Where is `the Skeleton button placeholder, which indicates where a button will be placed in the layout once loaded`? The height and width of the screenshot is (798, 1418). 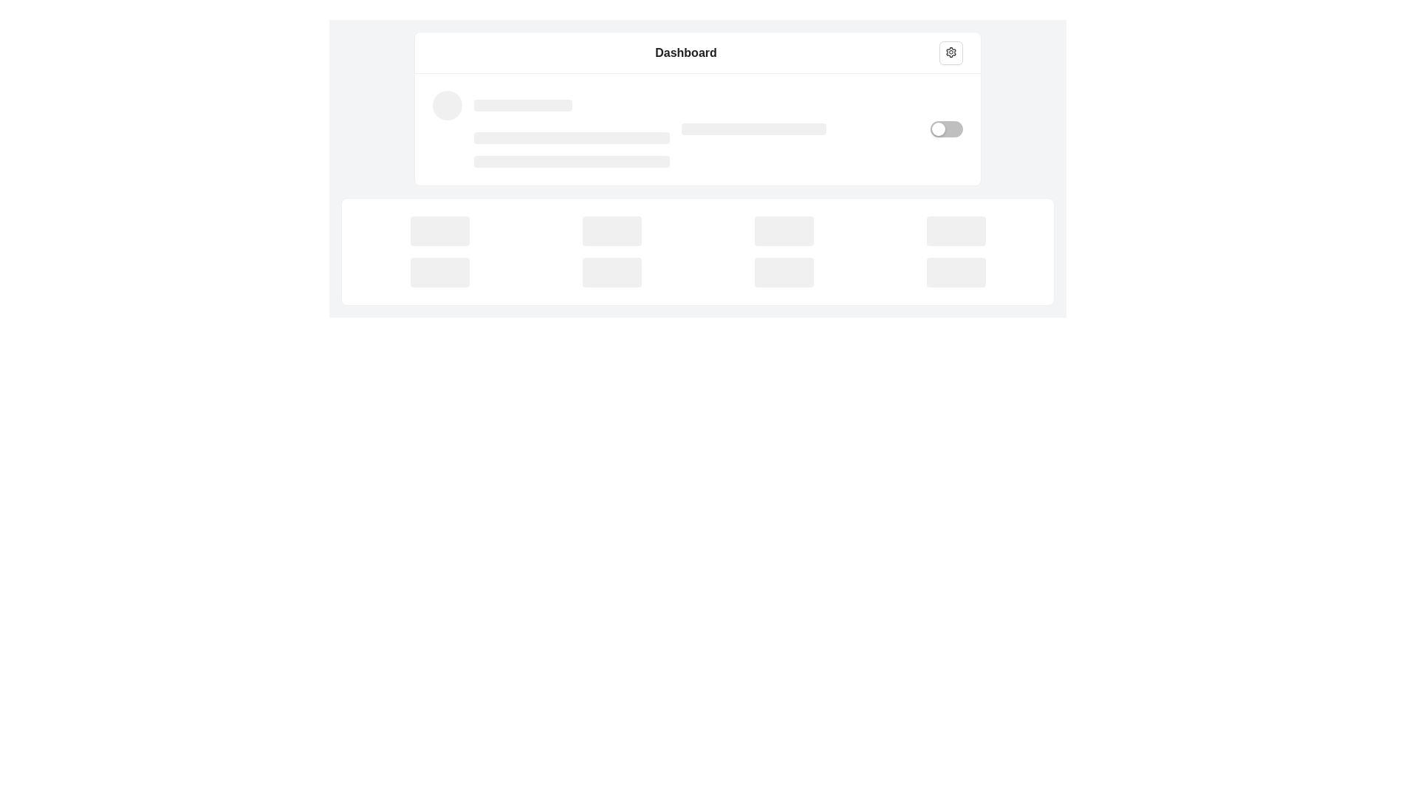
the Skeleton button placeholder, which indicates where a button will be placed in the layout once loaded is located at coordinates (439, 231).